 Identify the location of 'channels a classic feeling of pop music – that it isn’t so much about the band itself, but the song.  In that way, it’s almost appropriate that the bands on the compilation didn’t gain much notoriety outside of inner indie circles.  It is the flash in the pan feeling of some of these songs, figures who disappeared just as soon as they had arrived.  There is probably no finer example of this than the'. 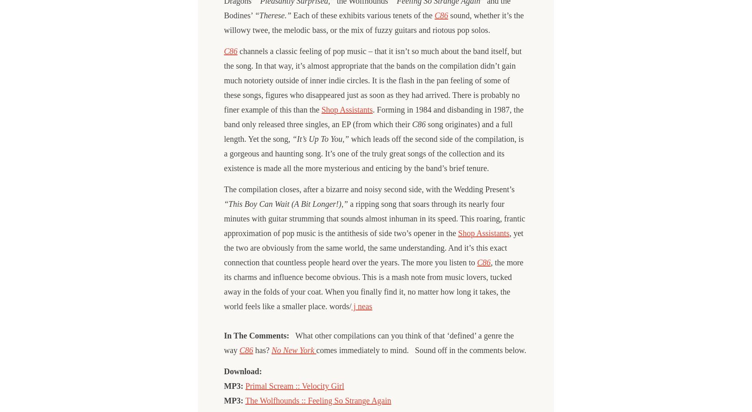
(224, 80).